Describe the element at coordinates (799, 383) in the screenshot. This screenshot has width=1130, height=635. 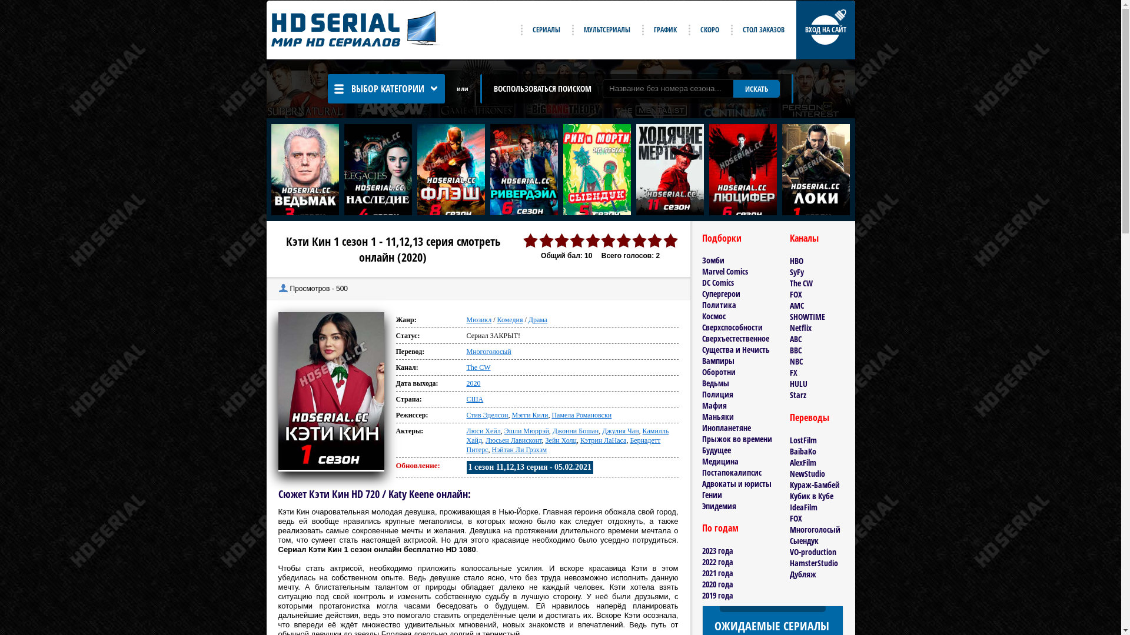
I see `'HULU'` at that location.